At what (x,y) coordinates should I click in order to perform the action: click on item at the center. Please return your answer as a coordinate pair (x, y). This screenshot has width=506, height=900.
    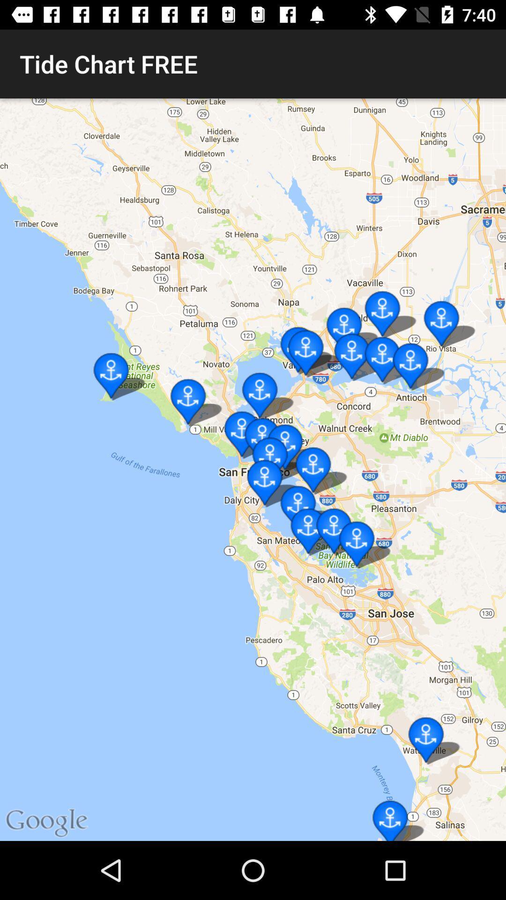
    Looking at the image, I should click on (253, 470).